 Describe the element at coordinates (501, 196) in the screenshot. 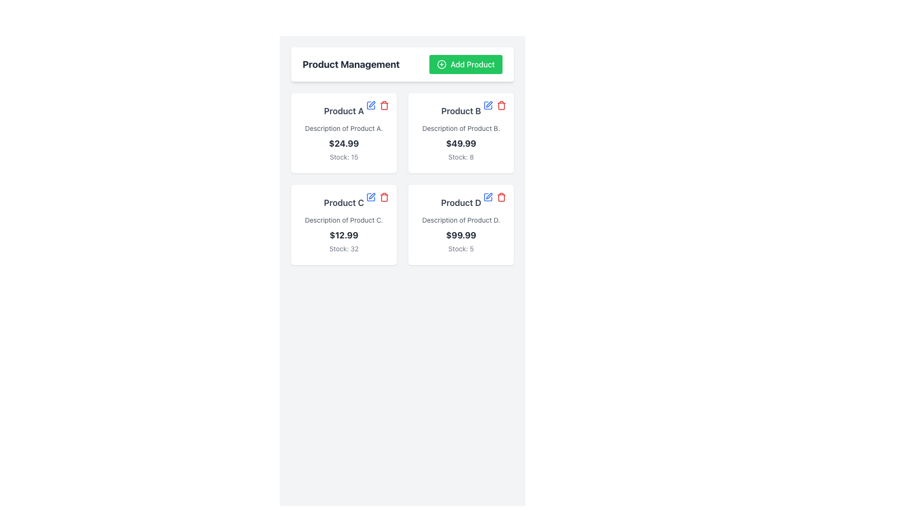

I see `the red trash can icon button located in the top-right corner of the 'Product D' card` at that location.